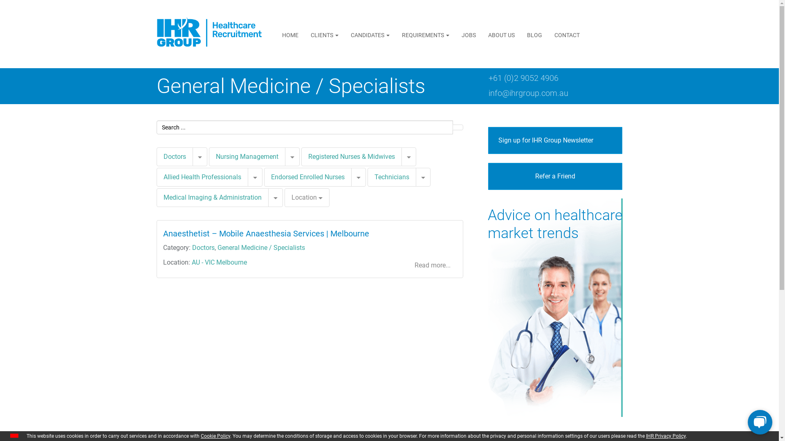  I want to click on 'Technicians', so click(374, 176).